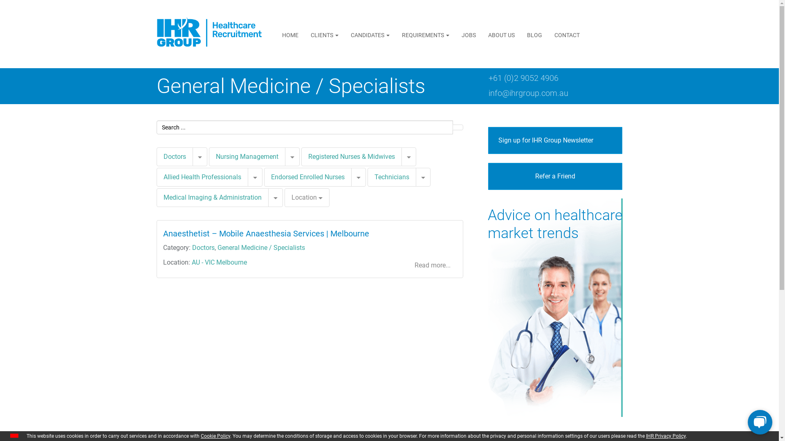  I want to click on 'Technicians', so click(374, 176).